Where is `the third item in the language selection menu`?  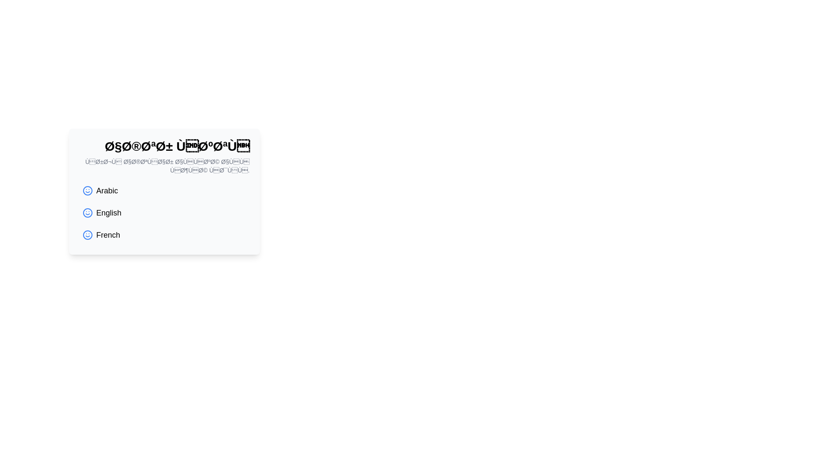
the third item in the language selection menu is located at coordinates (164, 235).